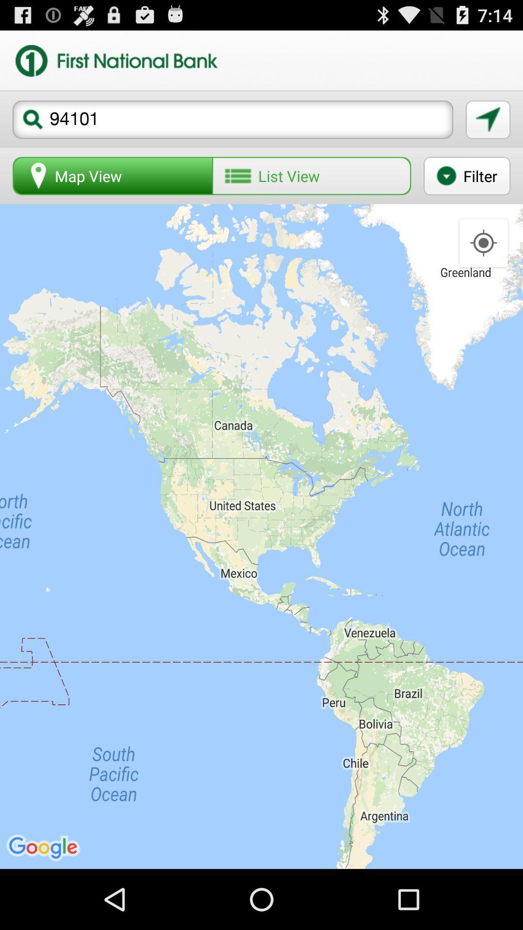 The width and height of the screenshot is (523, 930). What do you see at coordinates (112, 176) in the screenshot?
I see `the map view button` at bounding box center [112, 176].